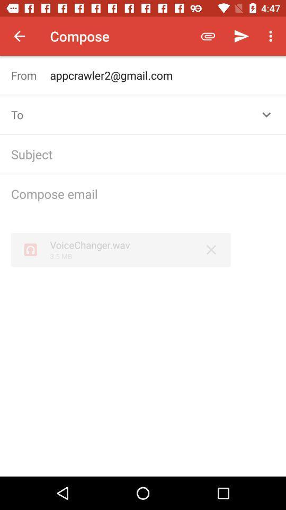 Image resolution: width=286 pixels, height=510 pixels. I want to click on the icon on the right, so click(211, 250).